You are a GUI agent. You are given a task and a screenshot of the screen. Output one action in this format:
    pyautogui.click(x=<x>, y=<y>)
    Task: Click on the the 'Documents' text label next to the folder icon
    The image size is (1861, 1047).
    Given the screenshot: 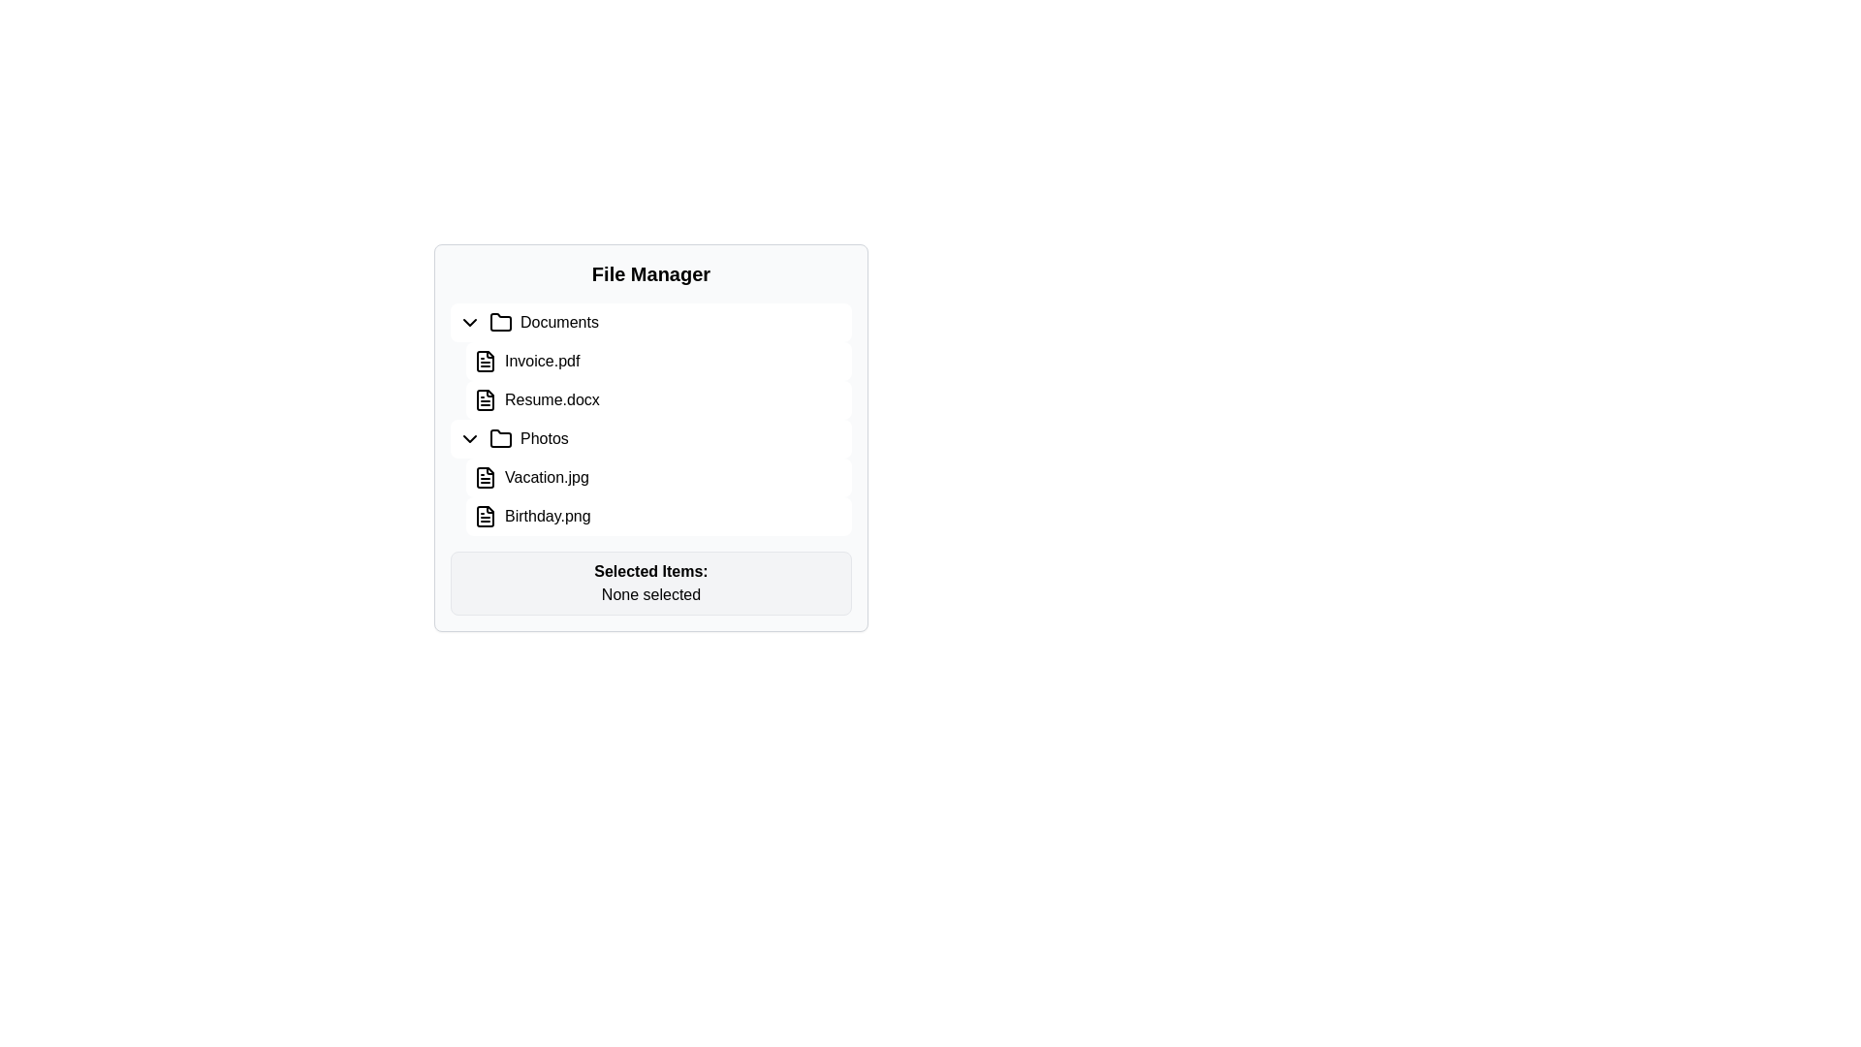 What is the action you would take?
    pyautogui.click(x=558, y=321)
    